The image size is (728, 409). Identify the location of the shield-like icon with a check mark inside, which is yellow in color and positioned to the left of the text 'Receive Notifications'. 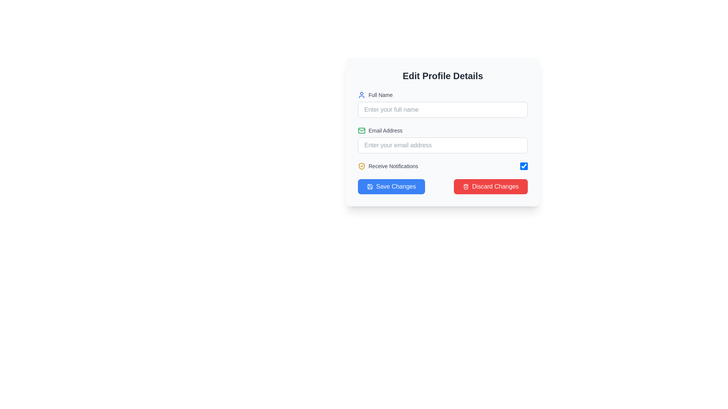
(361, 166).